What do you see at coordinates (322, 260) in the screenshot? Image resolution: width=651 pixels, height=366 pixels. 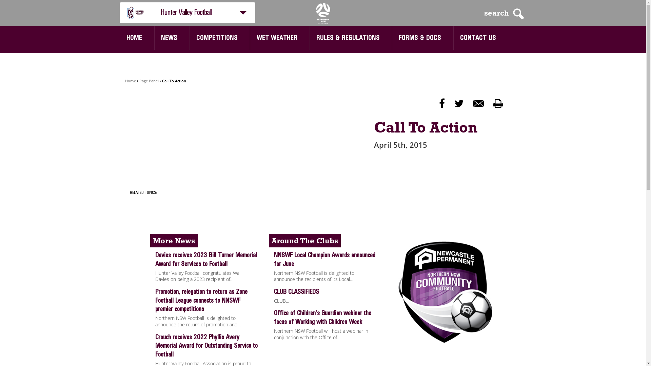 I see `'NNSWF Local Champion Awards announced for June'` at bounding box center [322, 260].